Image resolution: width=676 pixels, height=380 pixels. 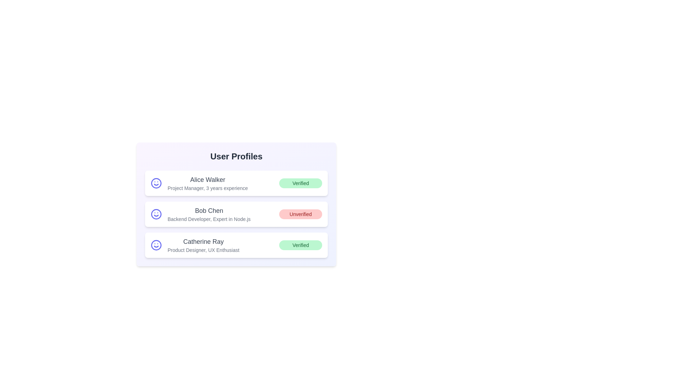 What do you see at coordinates (167, 175) in the screenshot?
I see `the text corresponding to Alice Walker` at bounding box center [167, 175].